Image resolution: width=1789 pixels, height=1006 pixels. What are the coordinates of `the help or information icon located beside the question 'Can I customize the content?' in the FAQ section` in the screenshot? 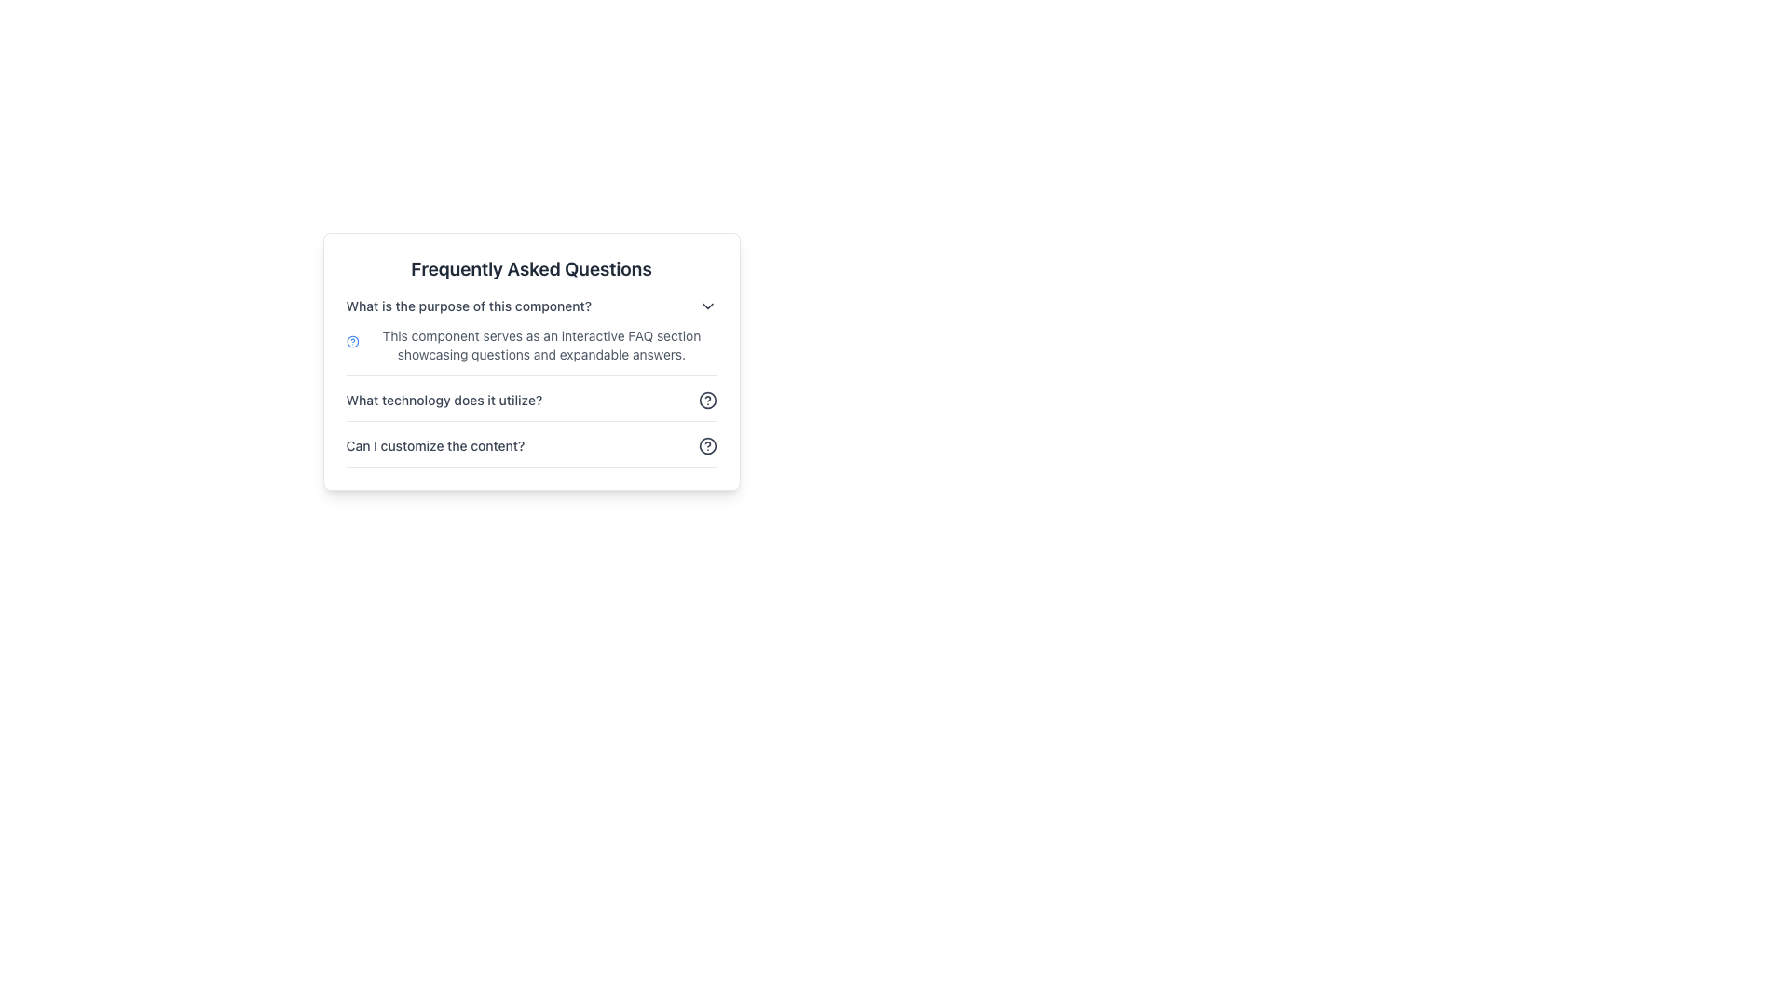 It's located at (706, 445).